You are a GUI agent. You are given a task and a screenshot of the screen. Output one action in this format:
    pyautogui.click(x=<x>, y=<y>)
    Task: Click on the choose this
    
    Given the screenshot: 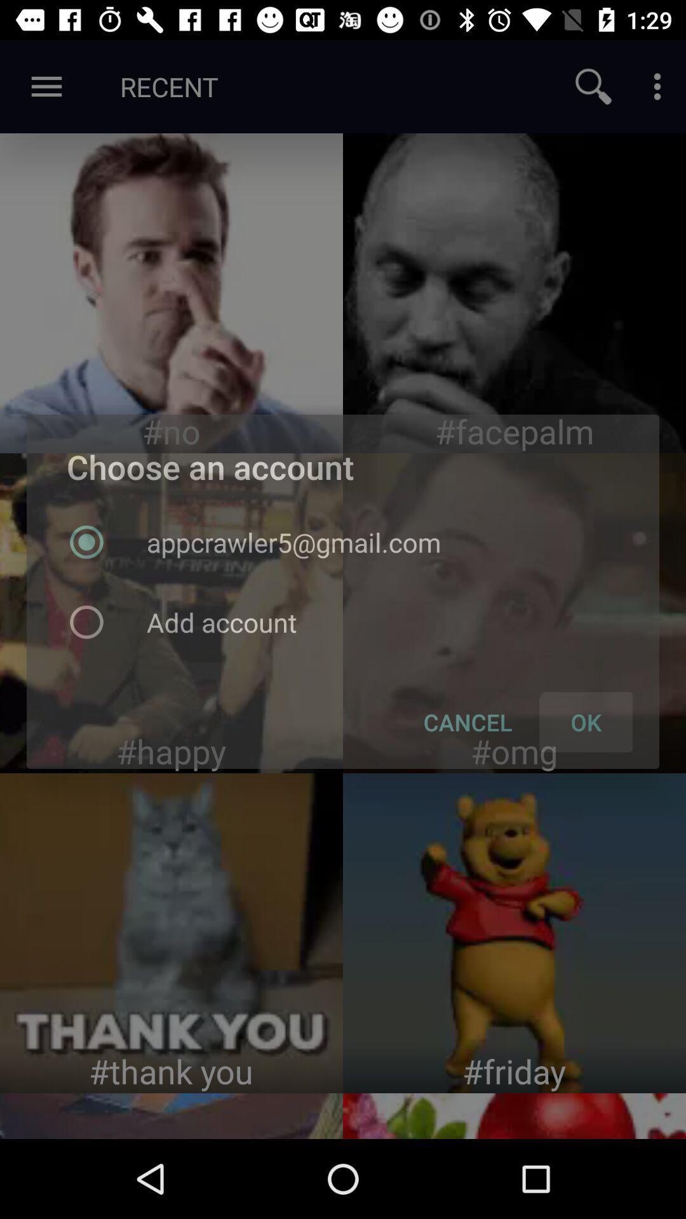 What is the action you would take?
    pyautogui.click(x=171, y=933)
    